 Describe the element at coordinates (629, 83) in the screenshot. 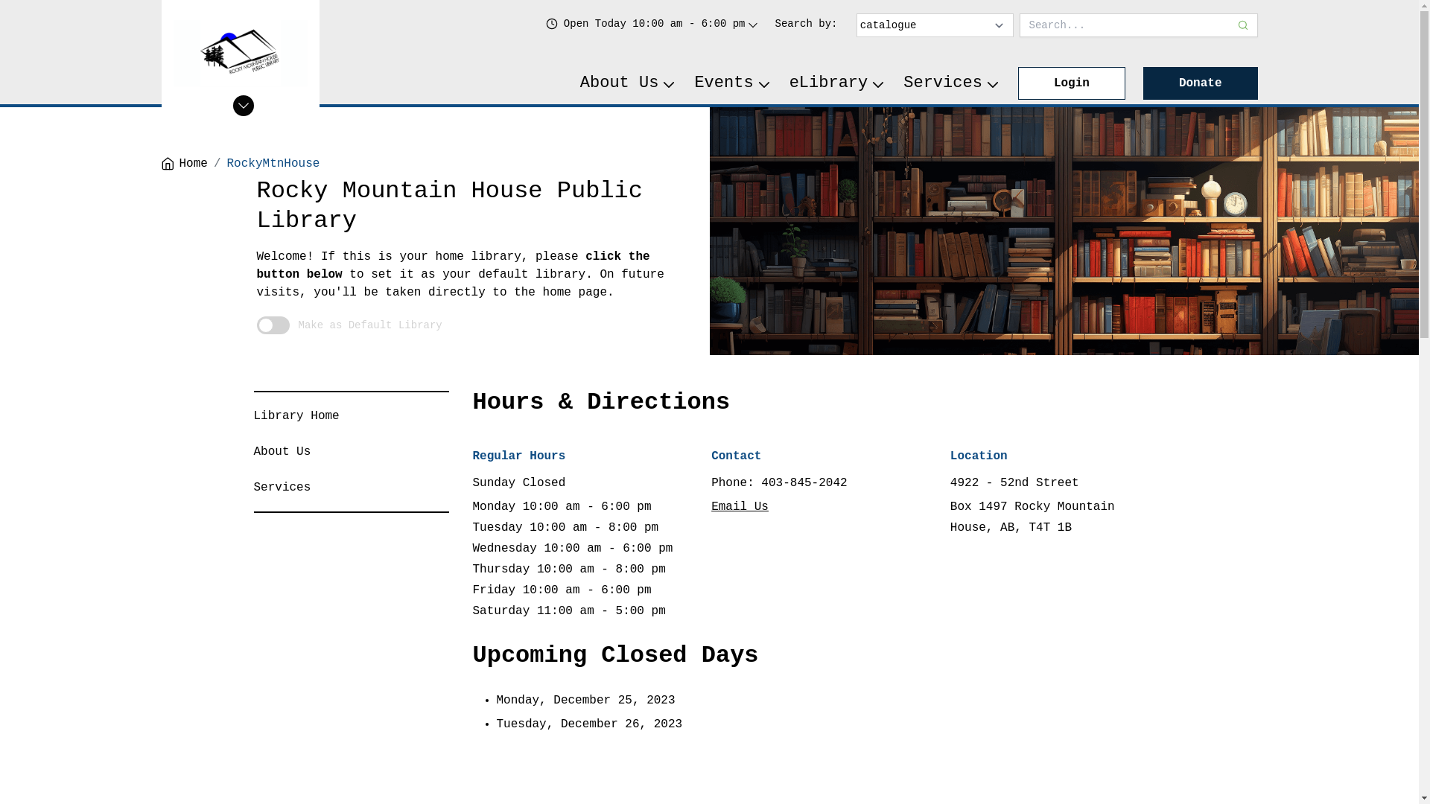

I see `'About Us'` at that location.